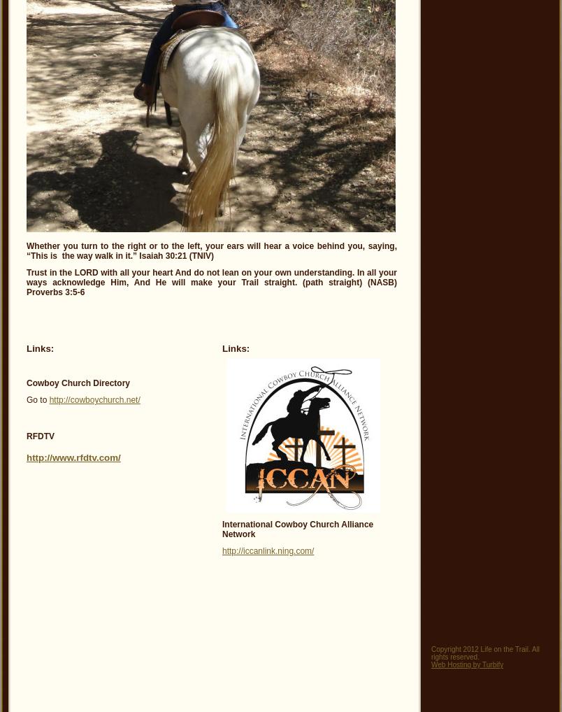 The height and width of the screenshot is (712, 562). I want to click on 'http://iccanlink.ning.com/', so click(222, 551).